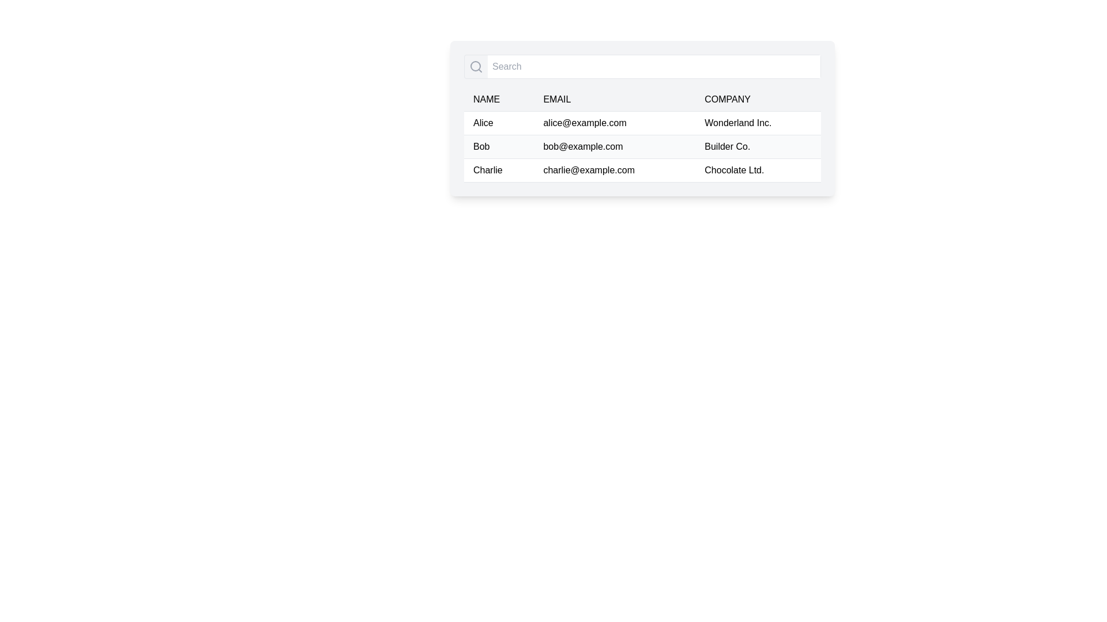 This screenshot has height=622, width=1107. What do you see at coordinates (642, 170) in the screenshot?
I see `the third row` at bounding box center [642, 170].